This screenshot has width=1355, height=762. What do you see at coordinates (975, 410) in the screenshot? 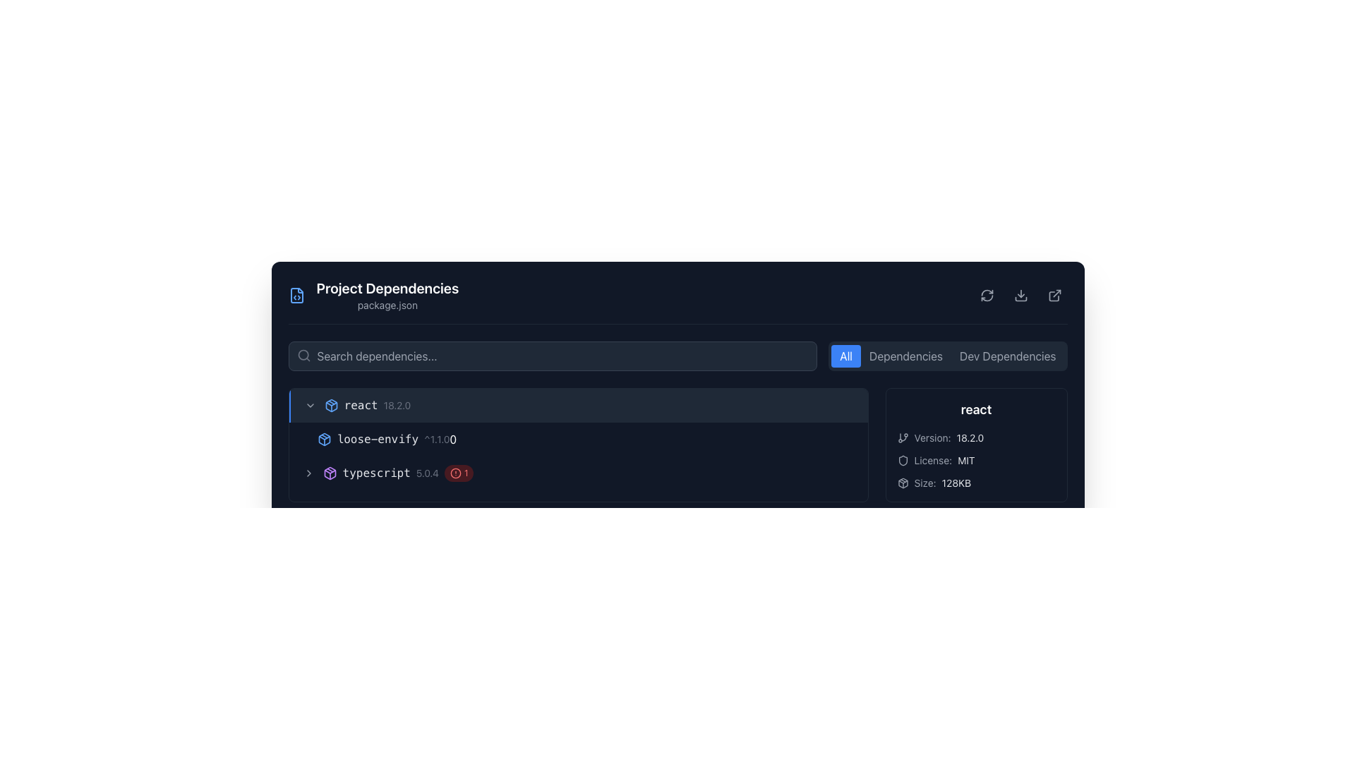
I see `the title text block indicating dependency information for the 'react' library, located at the top center of the card` at bounding box center [975, 410].